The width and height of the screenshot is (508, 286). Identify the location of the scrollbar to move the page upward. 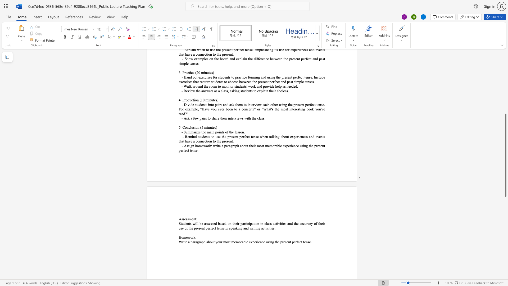
(505, 111).